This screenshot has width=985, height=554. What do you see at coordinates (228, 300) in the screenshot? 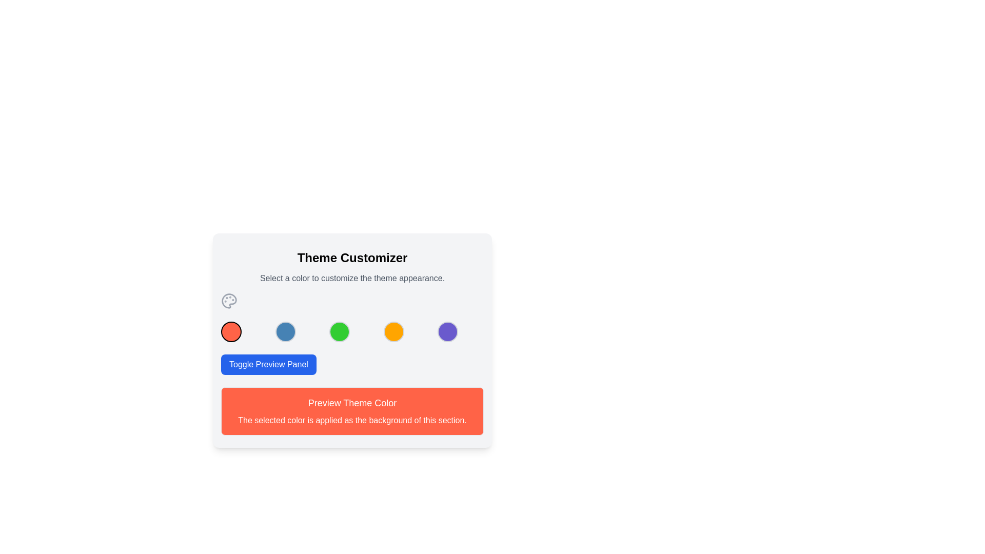
I see `the icon representing the theme or color customization feature located above the 'Theme Customizer' text` at bounding box center [228, 300].